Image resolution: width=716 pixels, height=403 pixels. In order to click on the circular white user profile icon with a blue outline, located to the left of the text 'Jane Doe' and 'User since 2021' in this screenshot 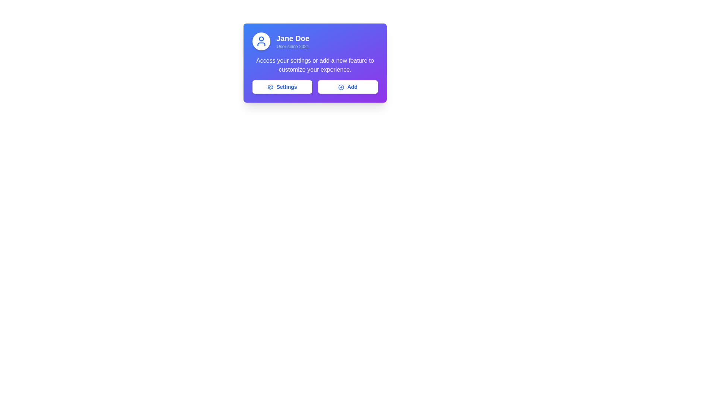, I will do `click(261, 41)`.